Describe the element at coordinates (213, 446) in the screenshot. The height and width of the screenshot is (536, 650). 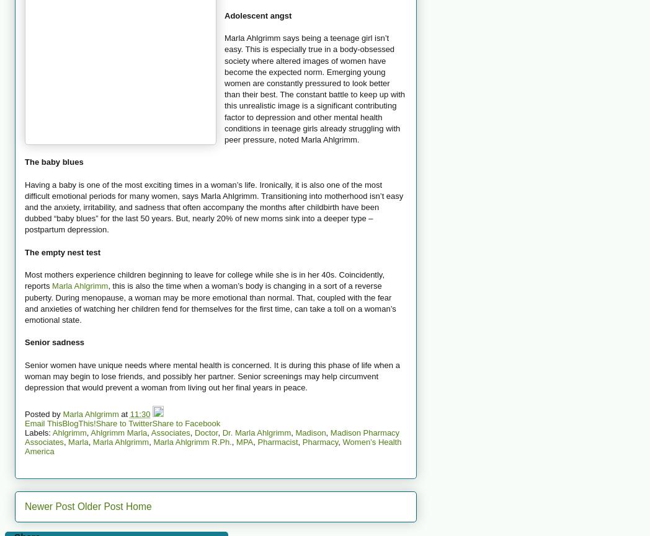
I see `'Women’s Health America'` at that location.